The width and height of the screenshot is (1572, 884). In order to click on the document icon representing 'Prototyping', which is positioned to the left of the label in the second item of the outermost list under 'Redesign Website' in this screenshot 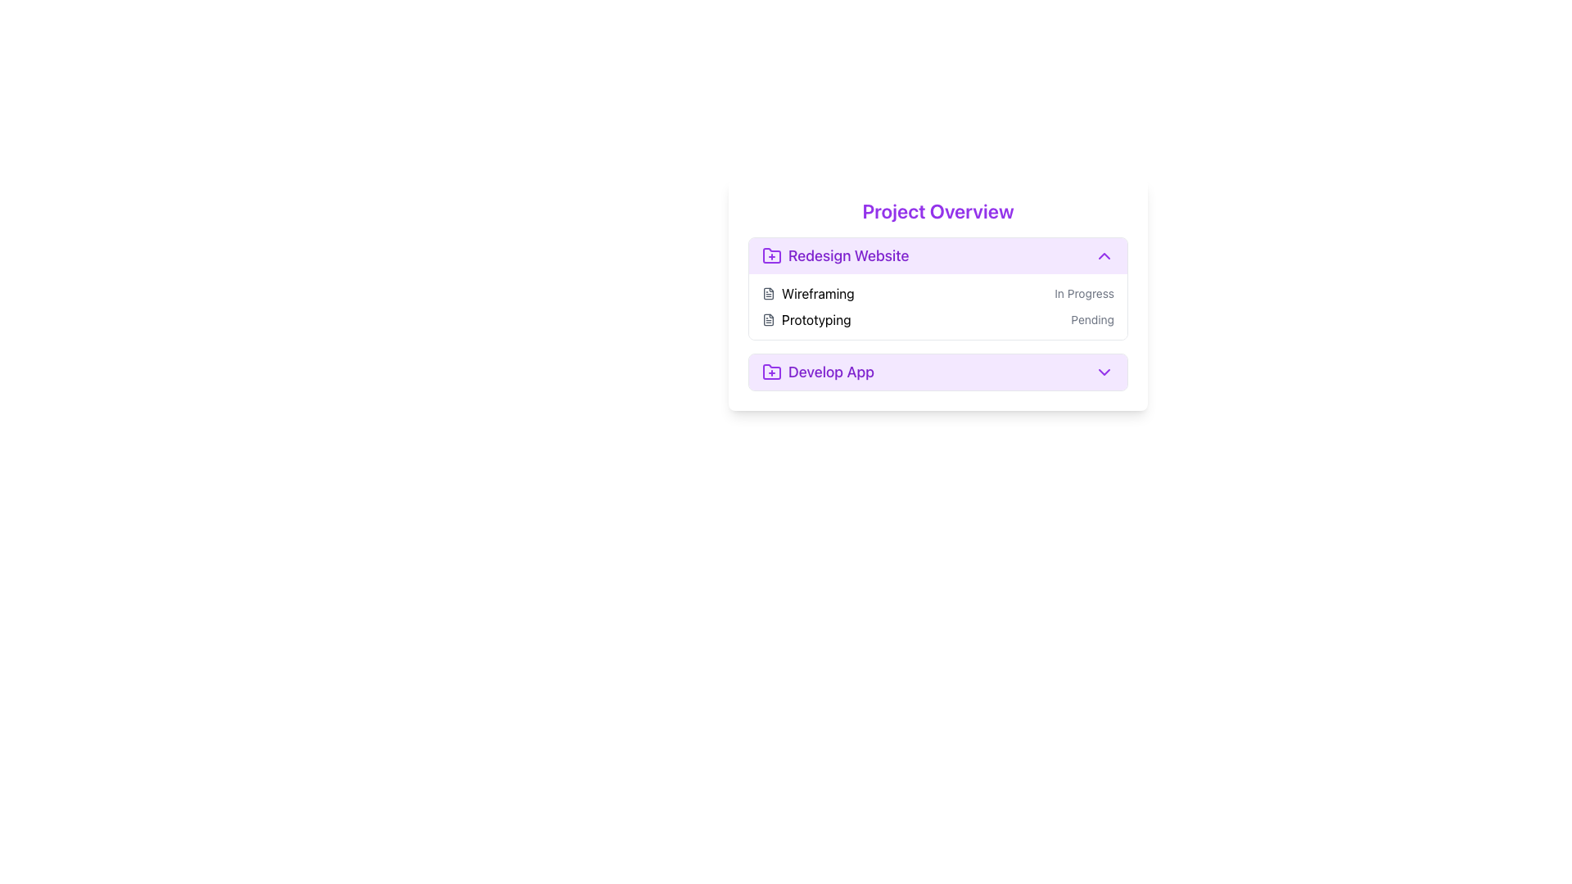, I will do `click(768, 319)`.